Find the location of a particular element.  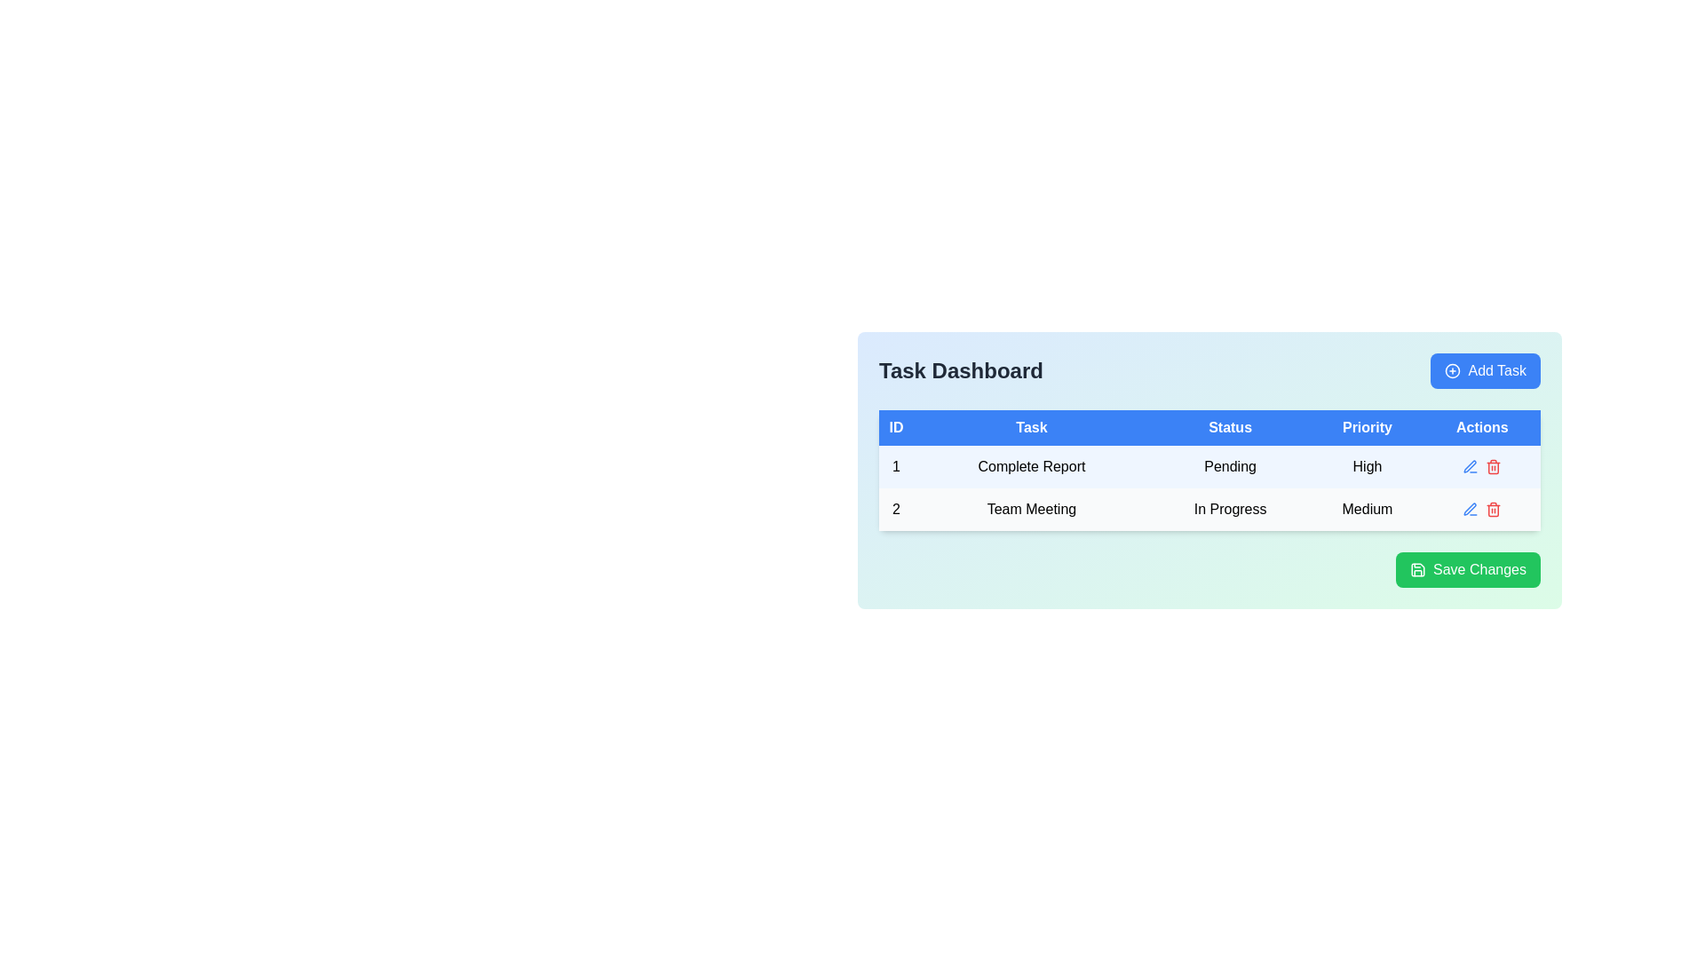

the 'Priority' column header in the table is located at coordinates (1367, 428).